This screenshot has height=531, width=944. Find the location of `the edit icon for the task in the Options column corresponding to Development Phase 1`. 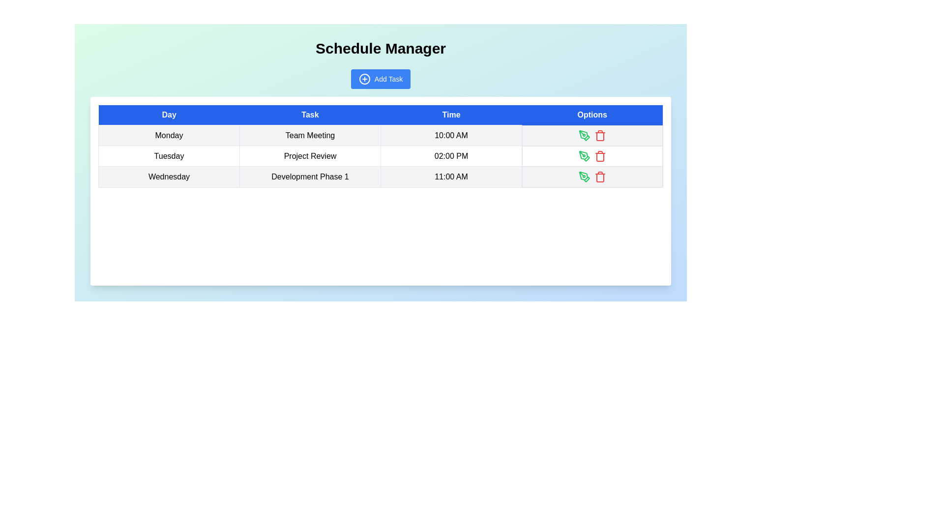

the edit icon for the task in the Options column corresponding to Development Phase 1 is located at coordinates (585, 176).